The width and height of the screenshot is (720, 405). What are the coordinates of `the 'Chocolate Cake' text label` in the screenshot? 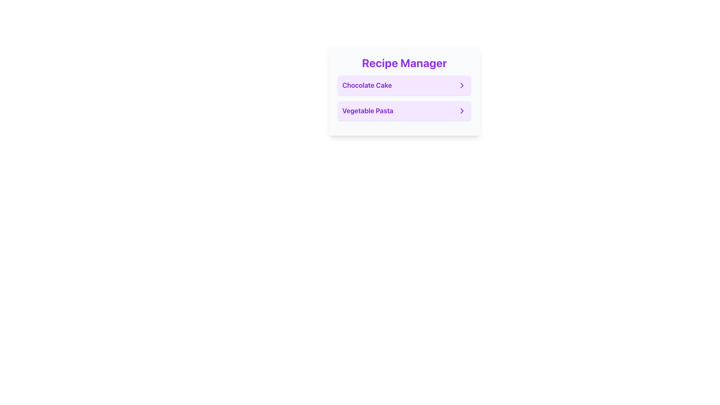 It's located at (367, 85).